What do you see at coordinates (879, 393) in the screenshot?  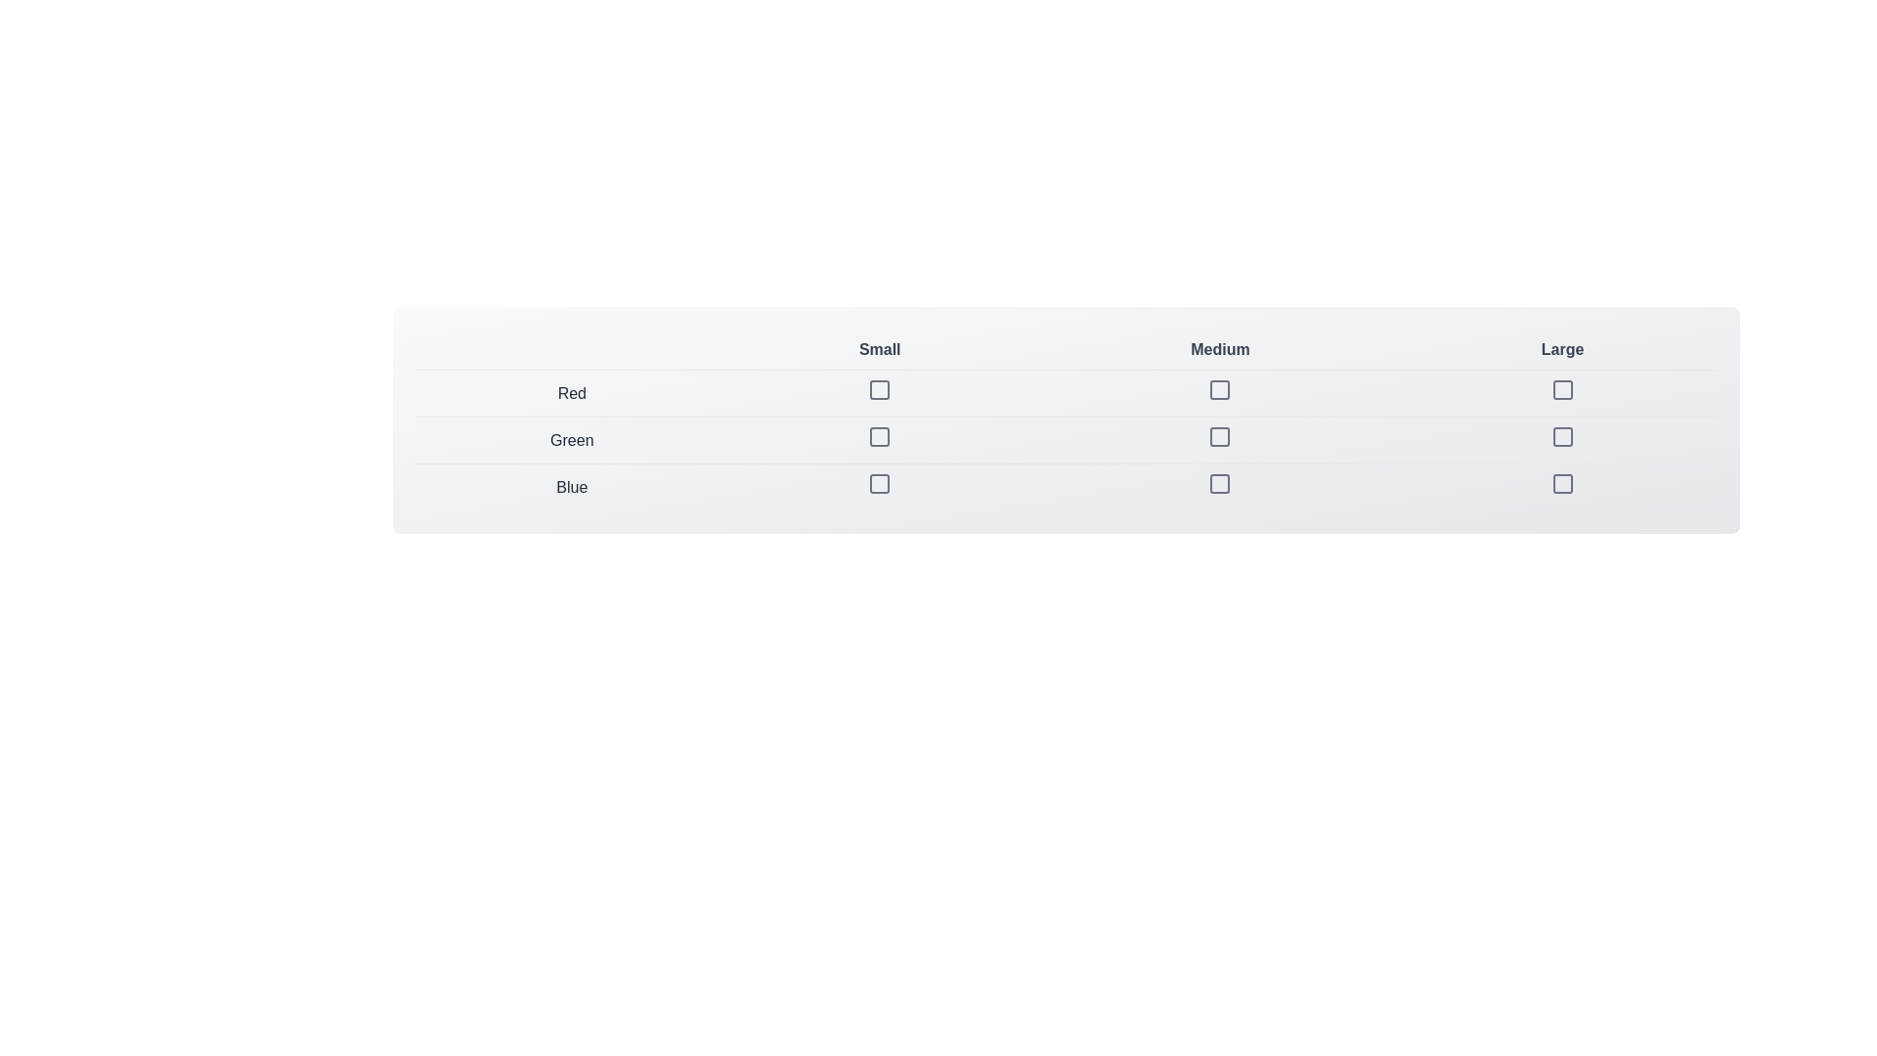 I see `the checkbox located` at bounding box center [879, 393].